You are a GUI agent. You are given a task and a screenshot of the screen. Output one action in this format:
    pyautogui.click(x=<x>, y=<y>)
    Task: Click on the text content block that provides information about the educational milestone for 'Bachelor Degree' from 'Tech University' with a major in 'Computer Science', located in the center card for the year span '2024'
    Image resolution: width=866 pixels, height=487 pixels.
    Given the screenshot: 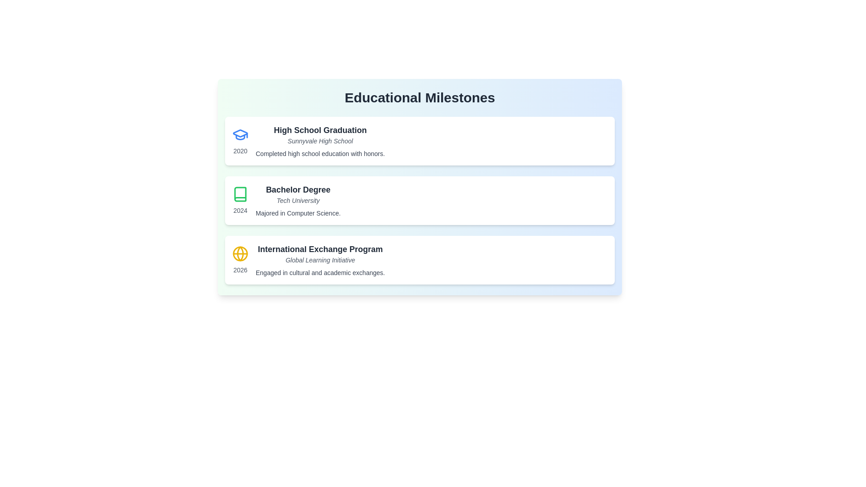 What is the action you would take?
    pyautogui.click(x=298, y=200)
    